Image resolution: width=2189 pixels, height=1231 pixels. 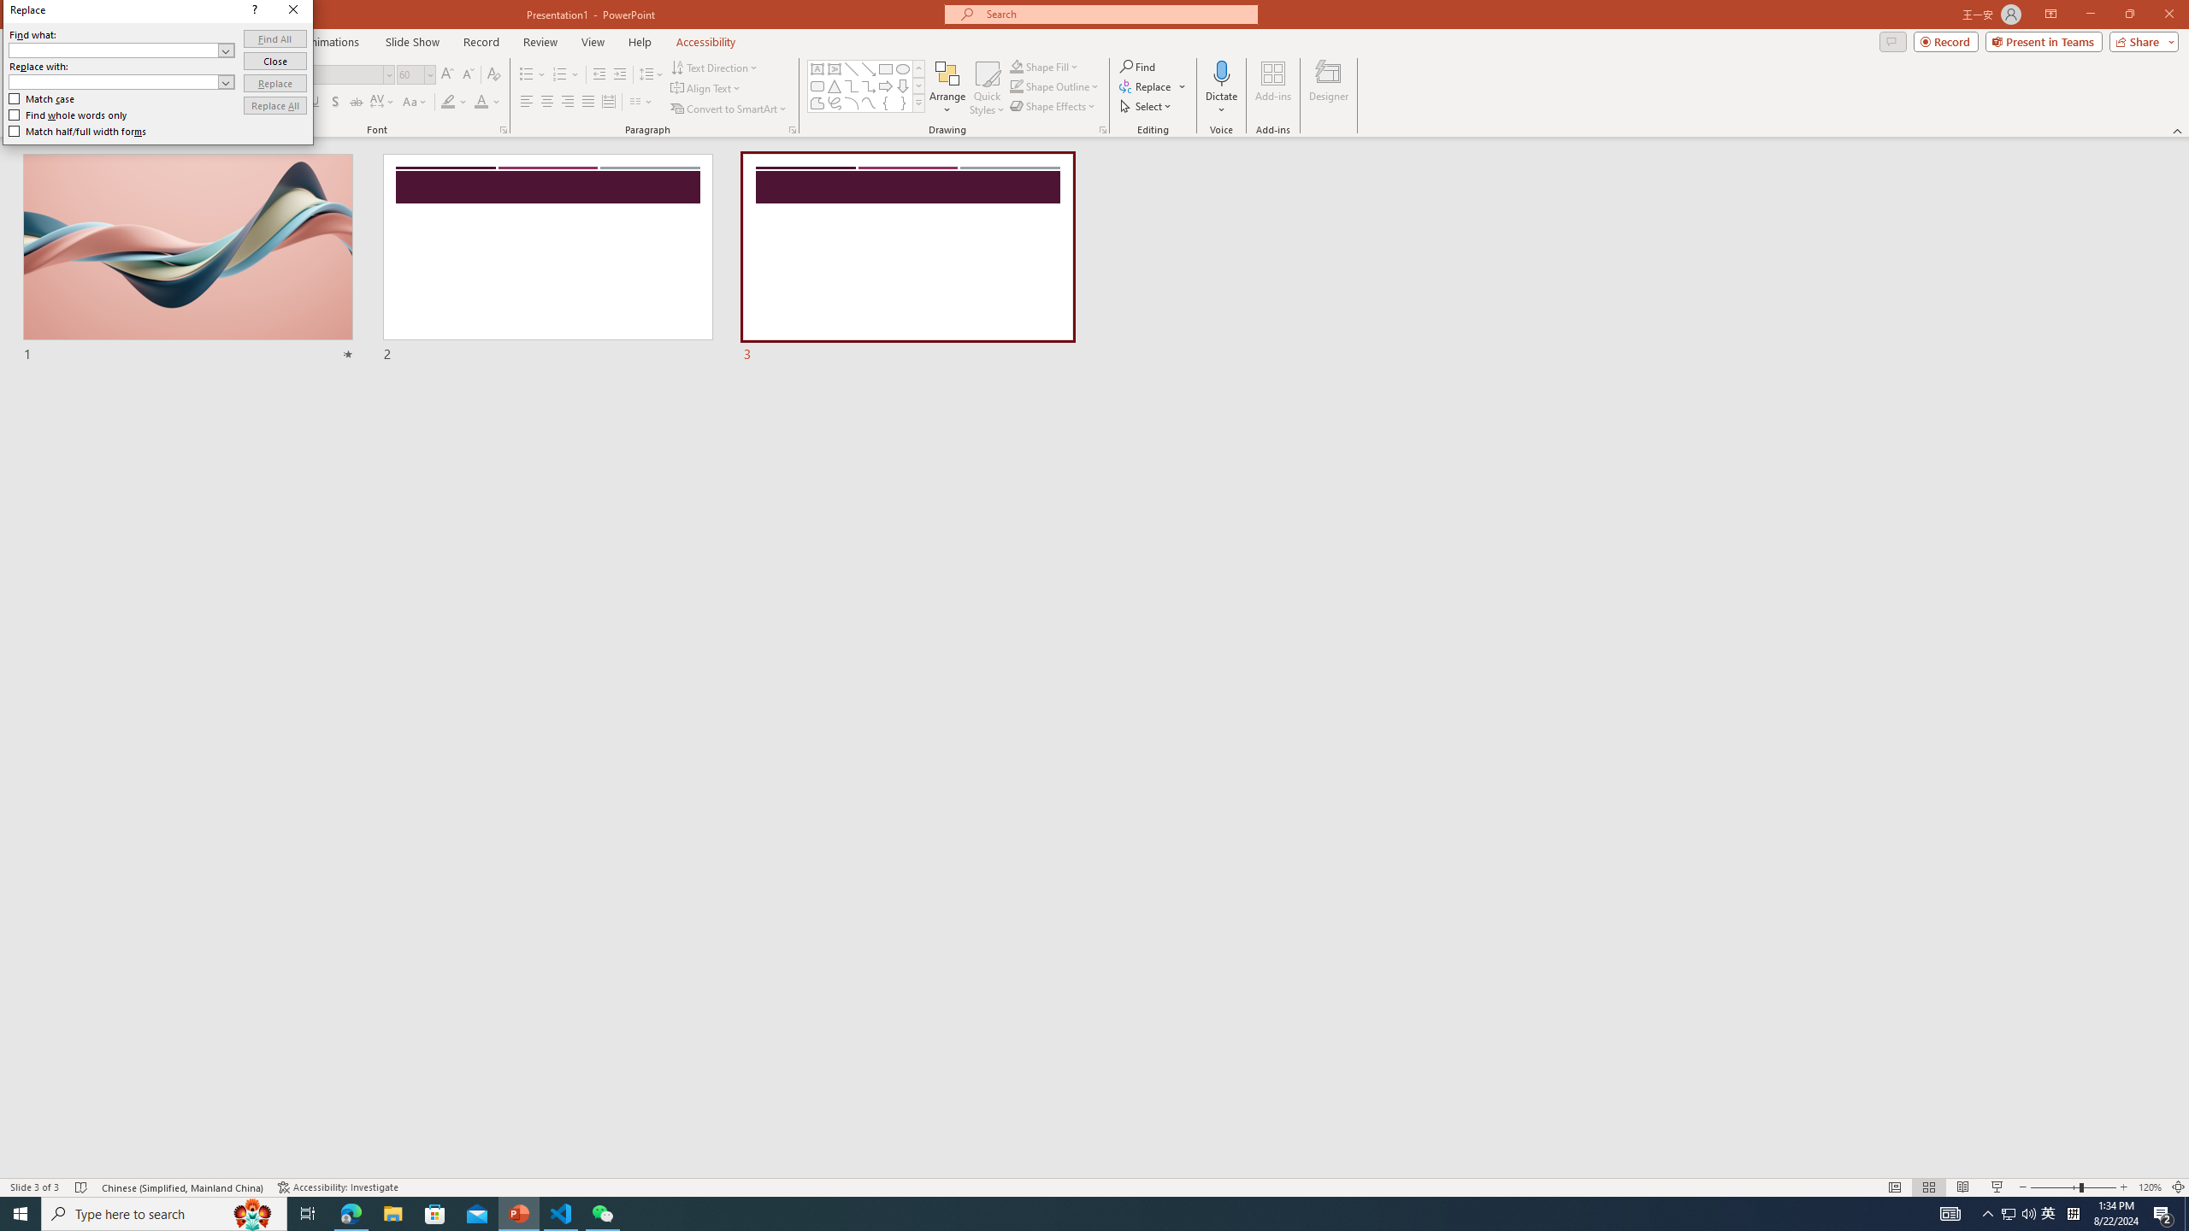 What do you see at coordinates (817, 68) in the screenshot?
I see `'Text Box'` at bounding box center [817, 68].